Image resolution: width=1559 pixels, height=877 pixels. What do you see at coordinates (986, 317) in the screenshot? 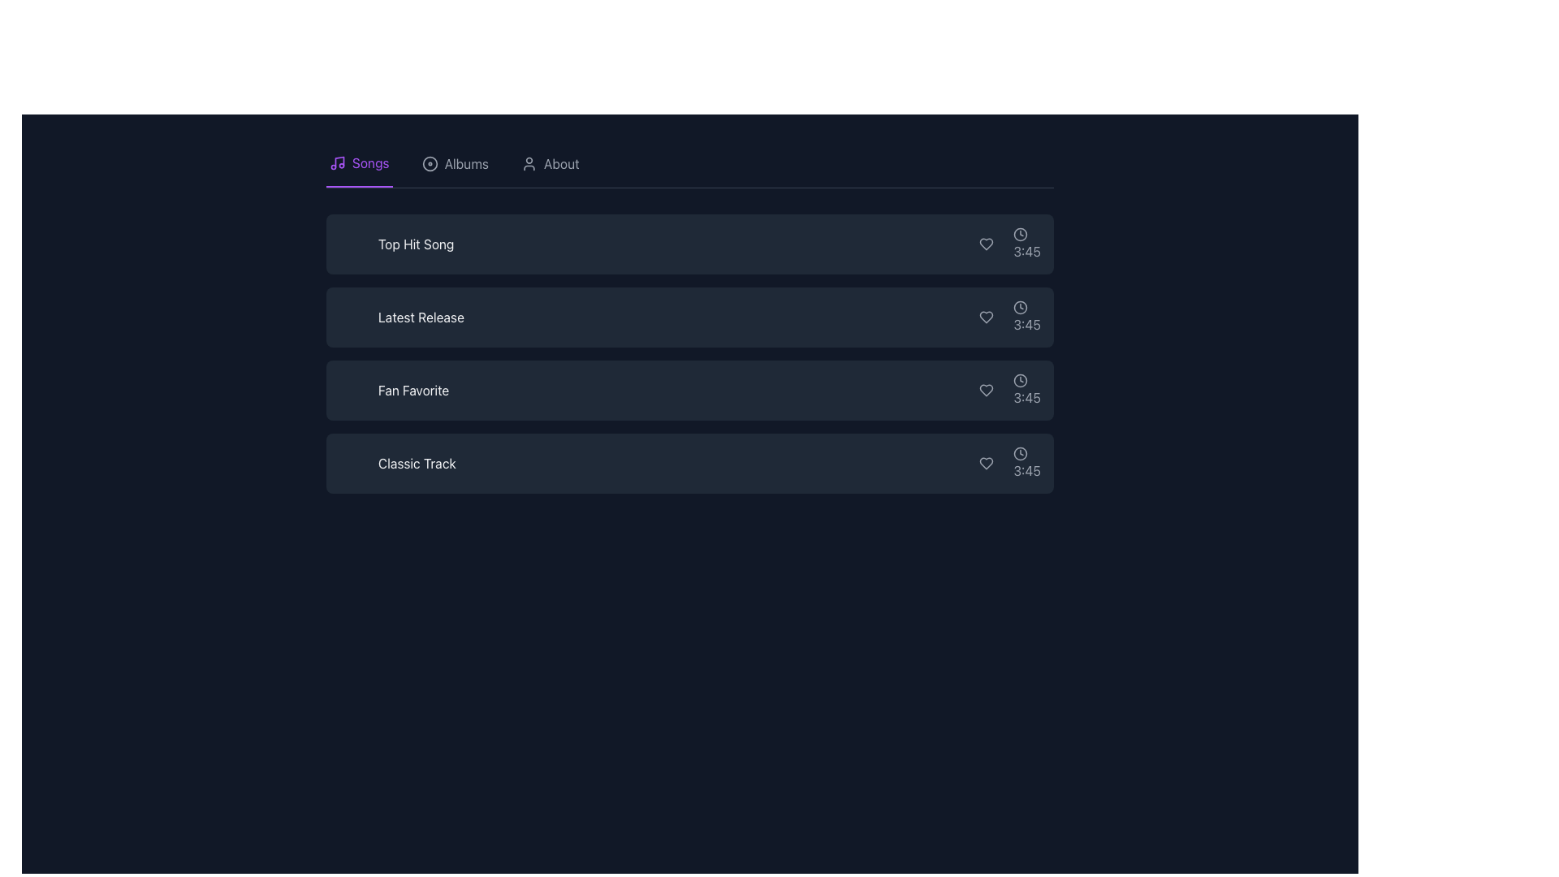
I see `the Interactive Heart Icon located to the left of the duration '3:45' in the second row of the song list` at bounding box center [986, 317].